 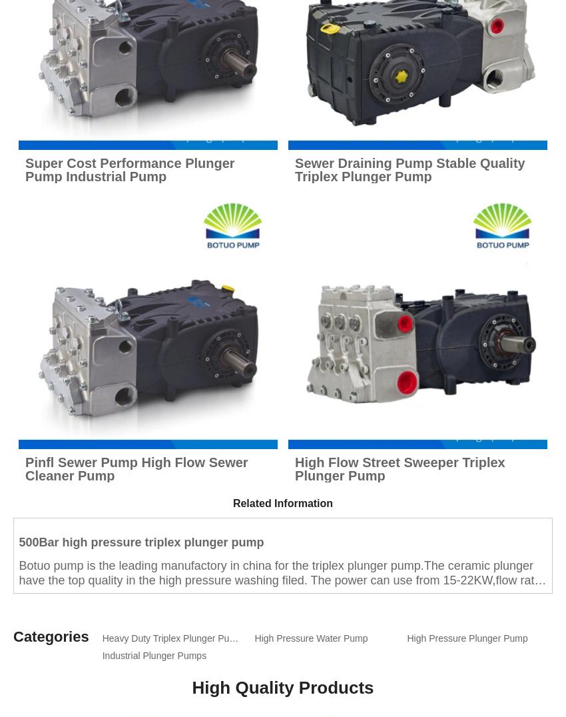 I want to click on 'High Quality Products', so click(x=282, y=686).